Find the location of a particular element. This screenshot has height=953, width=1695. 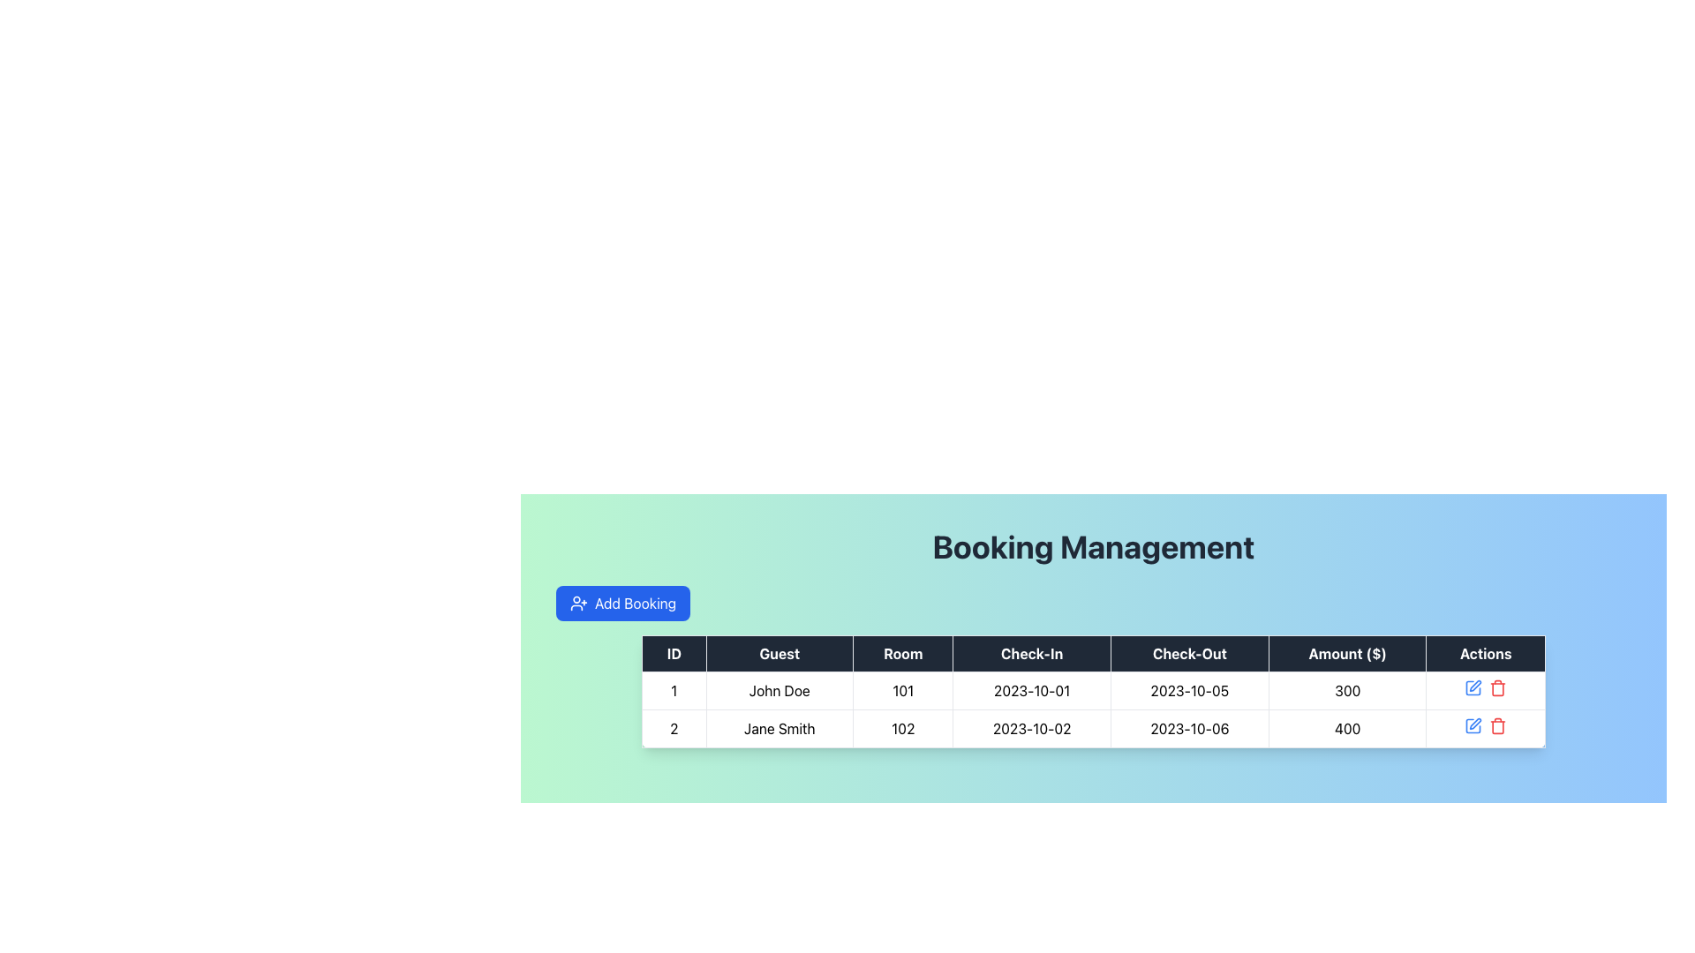

the table header cell that labels the check-in dates, positioned fourth among the header cells, between 'Room' and 'Check-Out' is located at coordinates (1032, 653).